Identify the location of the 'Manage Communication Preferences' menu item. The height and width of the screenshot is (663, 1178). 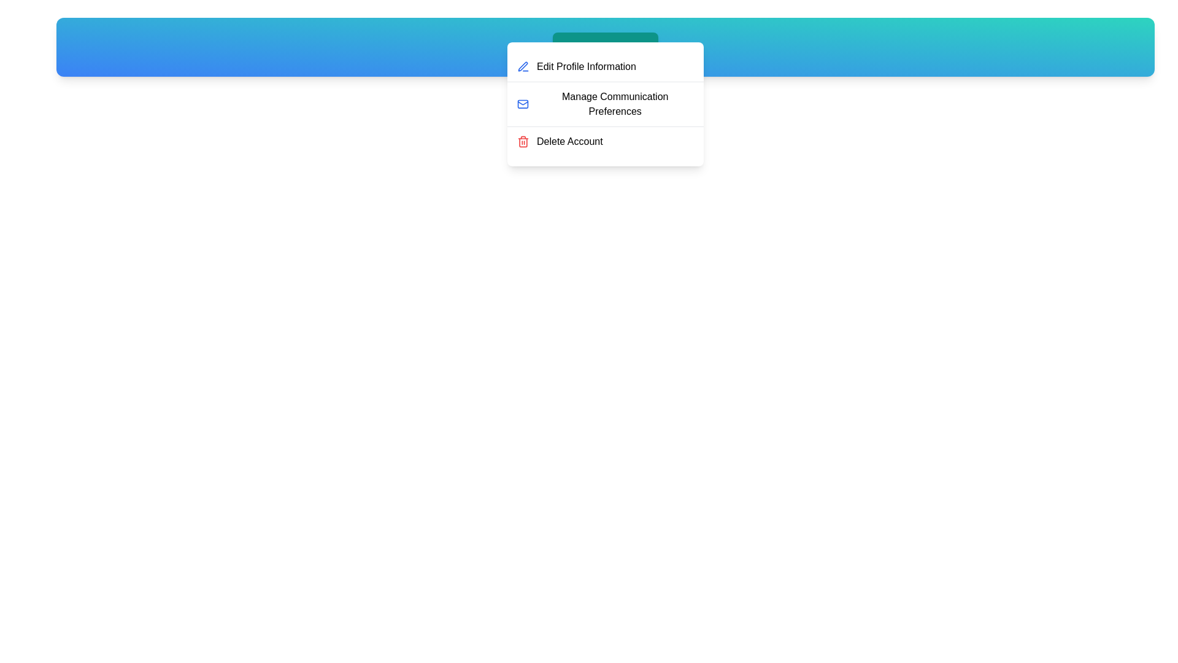
(606, 103).